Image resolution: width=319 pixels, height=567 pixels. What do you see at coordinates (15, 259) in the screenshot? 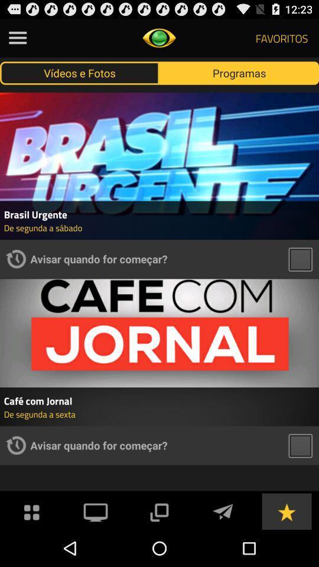
I see `the item to the left of avisar quando for item` at bounding box center [15, 259].